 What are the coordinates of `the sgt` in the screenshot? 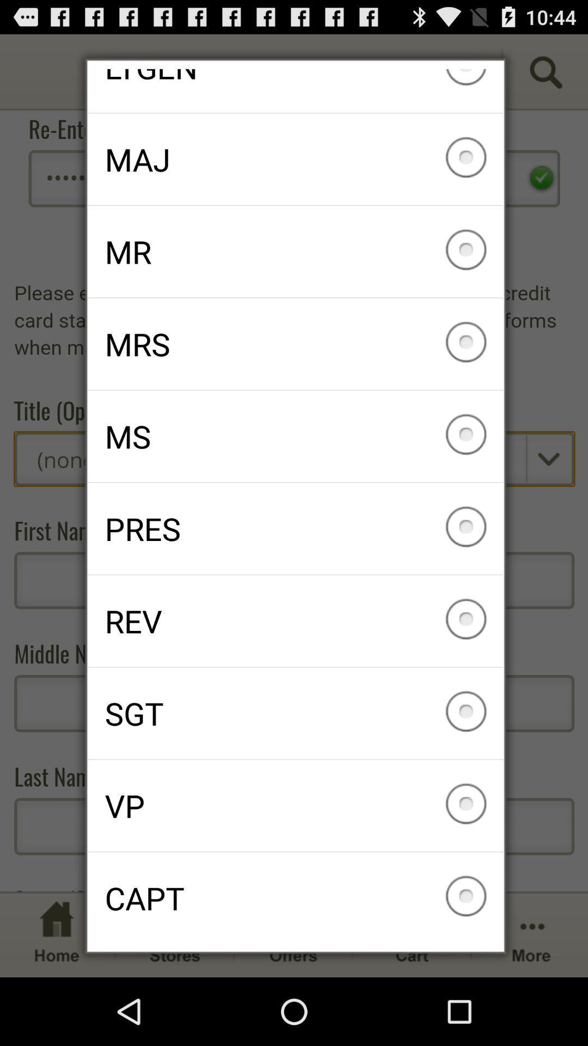 It's located at (295, 713).